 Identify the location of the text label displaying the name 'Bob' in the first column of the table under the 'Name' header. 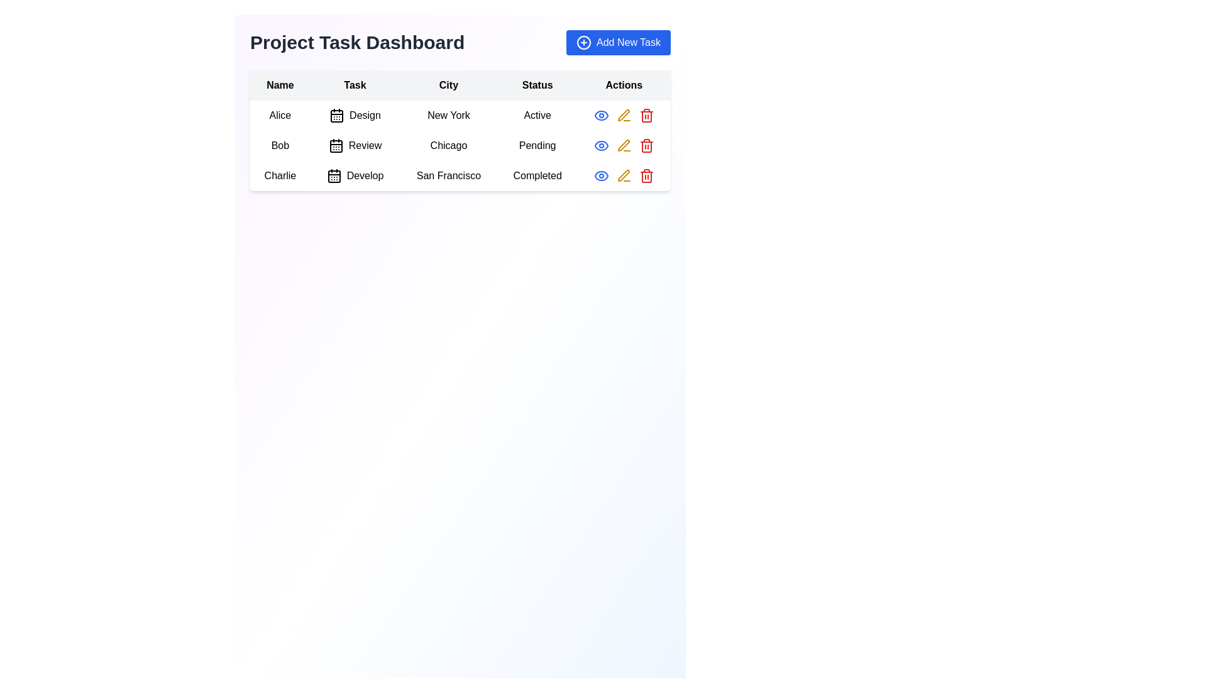
(280, 145).